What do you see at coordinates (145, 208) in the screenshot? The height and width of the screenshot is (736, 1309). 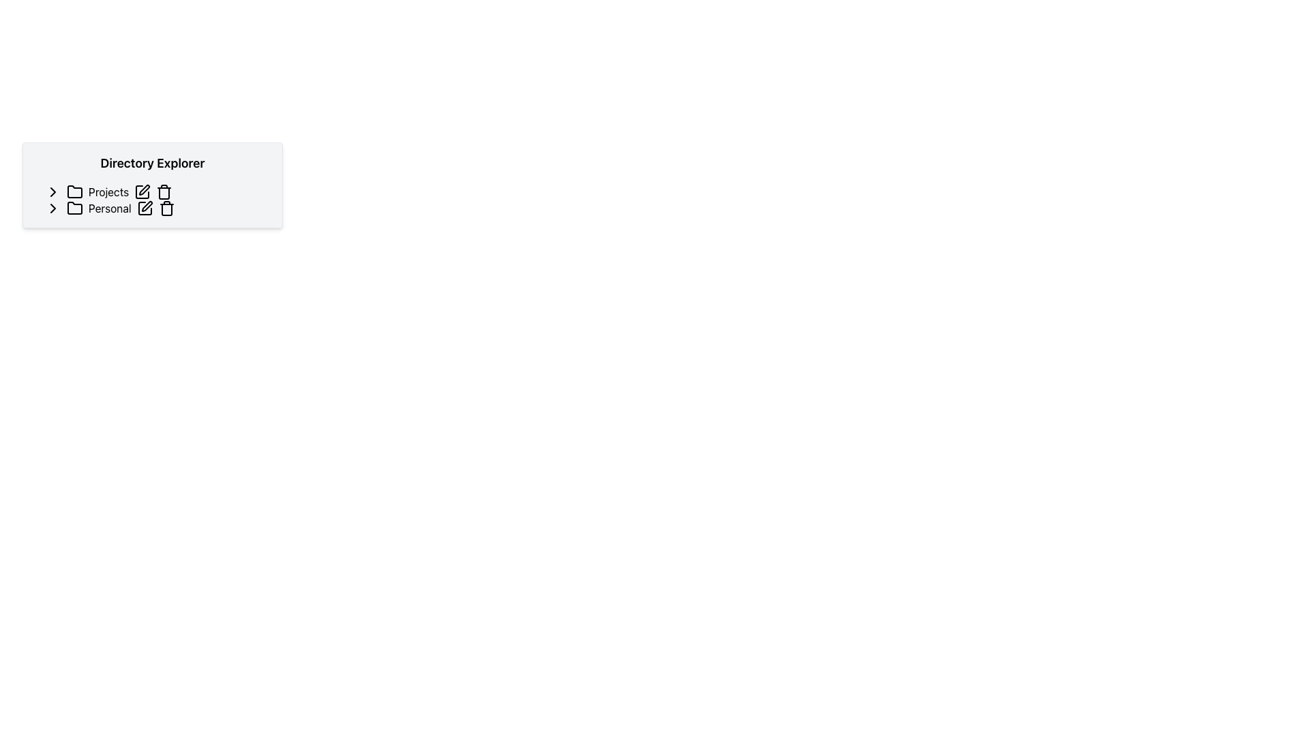 I see `the edit button located directly to the right of the 'Personal' folder label to initiate editing` at bounding box center [145, 208].